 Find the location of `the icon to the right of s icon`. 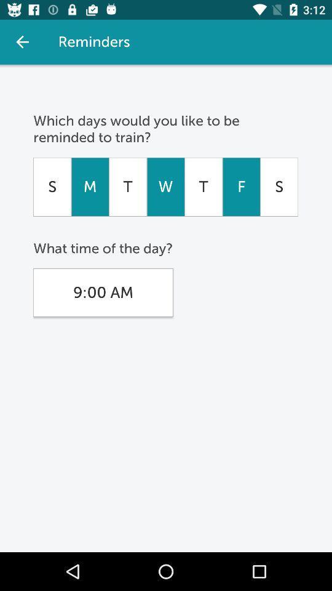

the icon to the right of s icon is located at coordinates (89, 187).